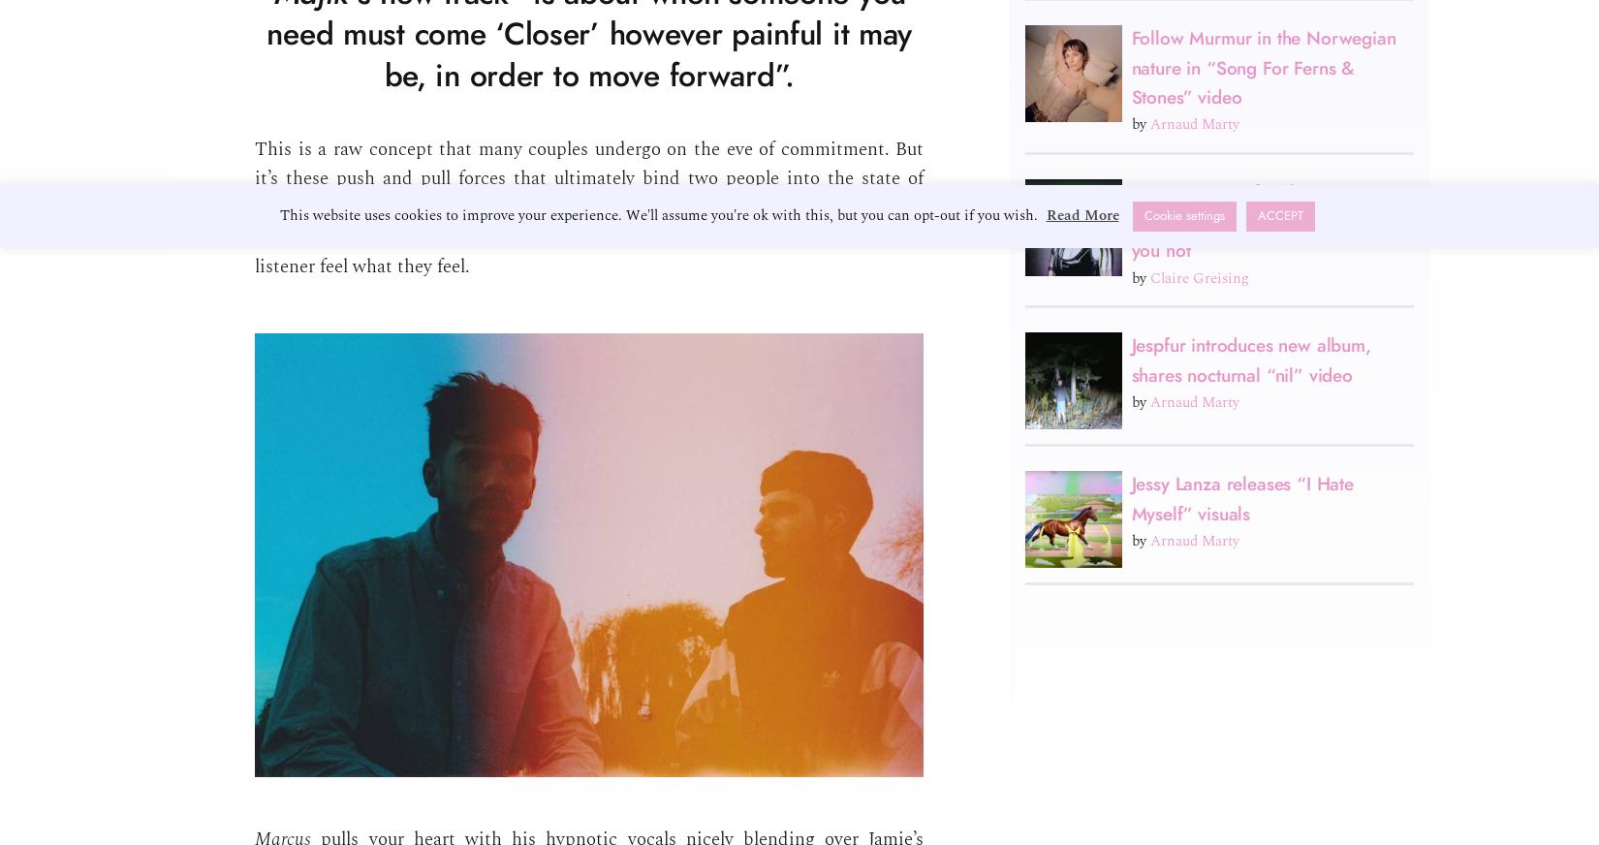  What do you see at coordinates (1144, 214) in the screenshot?
I see `'Cookie settings'` at bounding box center [1144, 214].